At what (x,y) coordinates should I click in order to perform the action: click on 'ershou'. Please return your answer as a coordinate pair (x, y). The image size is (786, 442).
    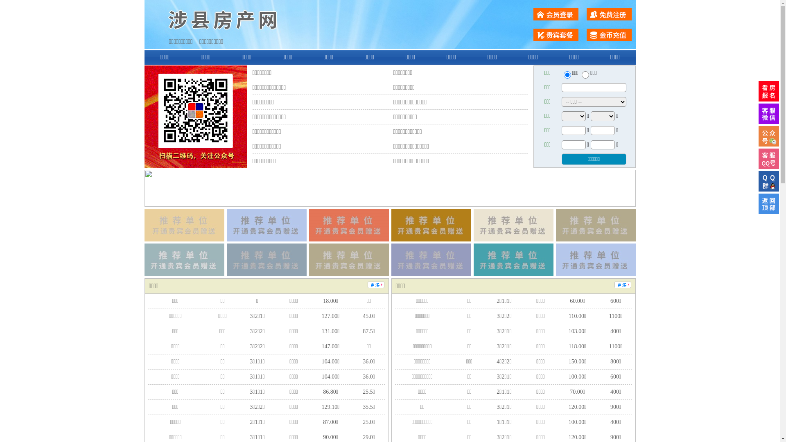
    Looking at the image, I should click on (563, 74).